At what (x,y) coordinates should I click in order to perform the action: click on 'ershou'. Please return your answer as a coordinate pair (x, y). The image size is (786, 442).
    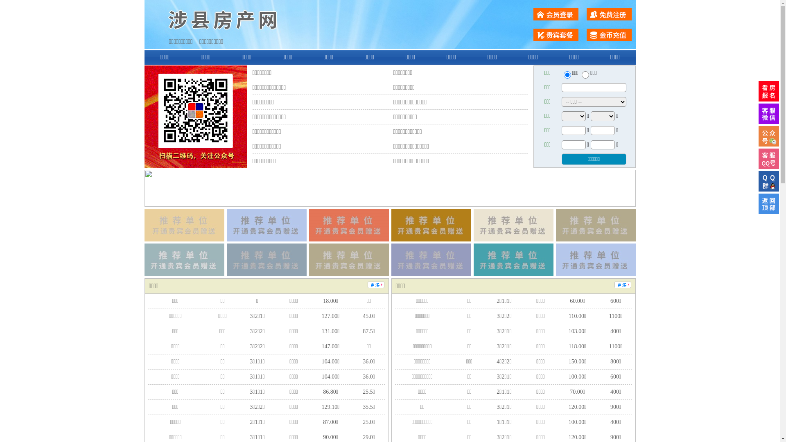
    Looking at the image, I should click on (563, 74).